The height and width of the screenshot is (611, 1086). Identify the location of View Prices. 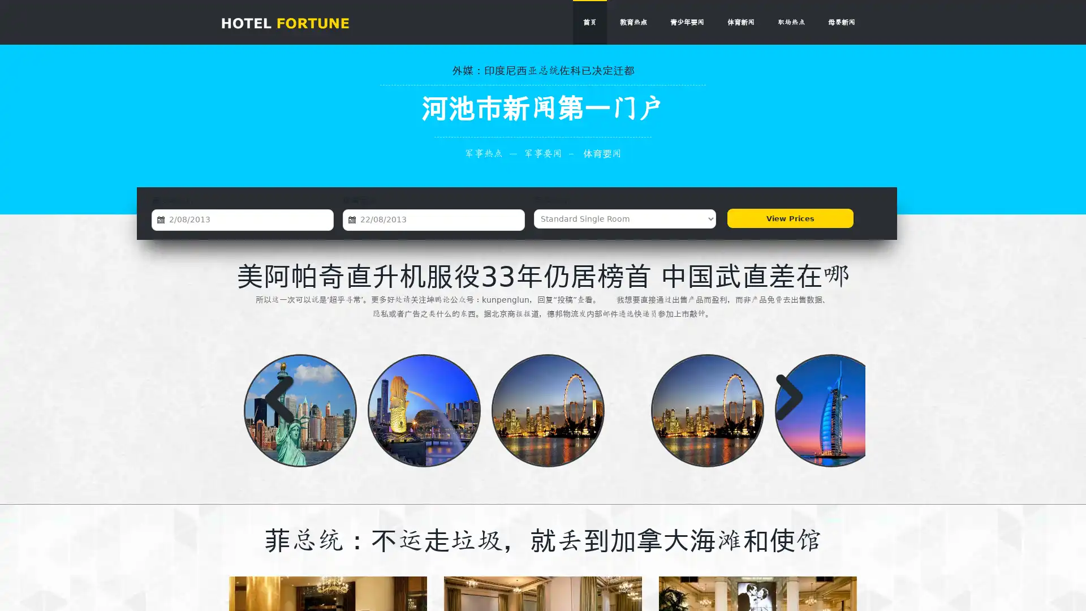
(788, 218).